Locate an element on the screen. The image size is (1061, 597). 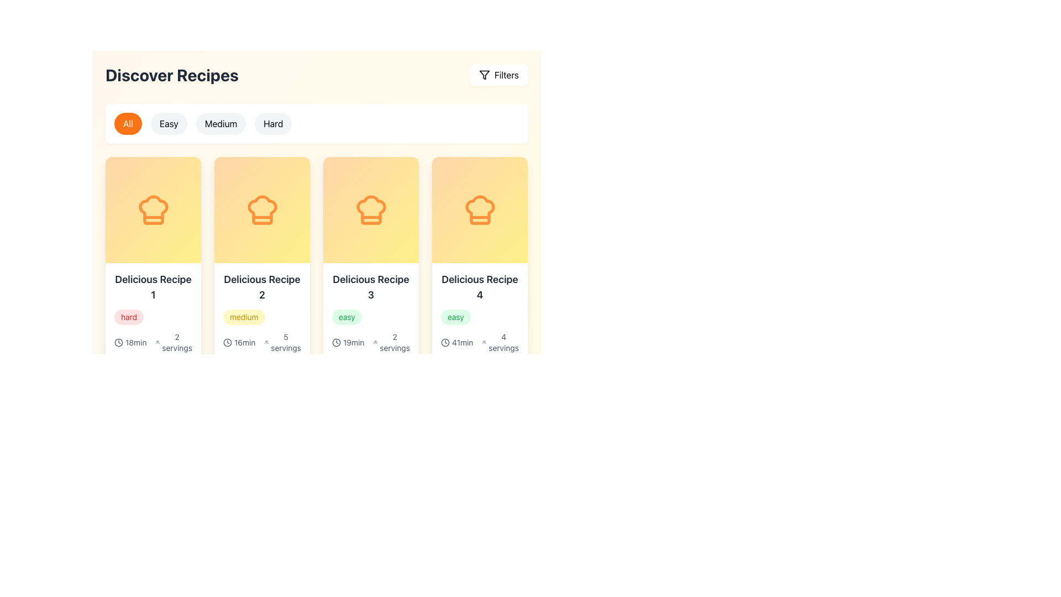
the title text label of the recipe card, which is located below the orange chef's hat icon and above other descriptive elements, in the third card from the left is located at coordinates (371, 287).